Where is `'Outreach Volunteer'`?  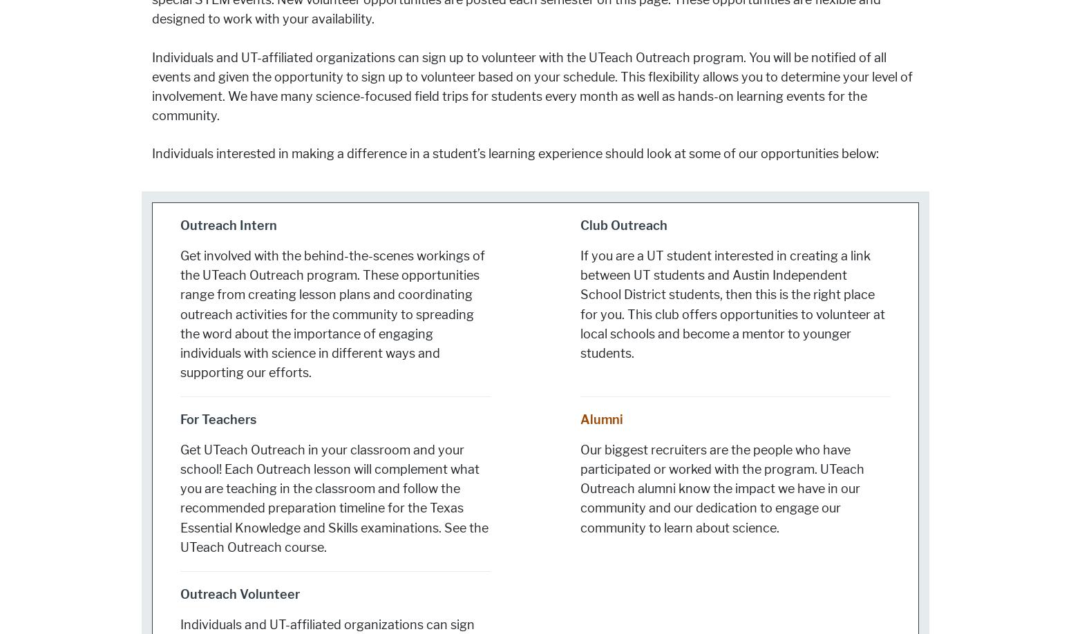 'Outreach Volunteer' is located at coordinates (180, 593).